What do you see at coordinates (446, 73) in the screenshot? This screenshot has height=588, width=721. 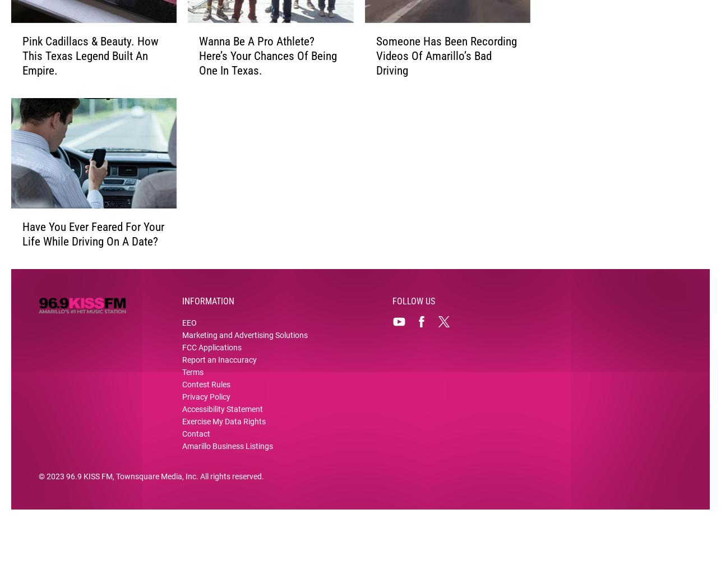 I see `'Someone Has Been Recording Videos Of Amarillo’s Bad Driving'` at bounding box center [446, 73].